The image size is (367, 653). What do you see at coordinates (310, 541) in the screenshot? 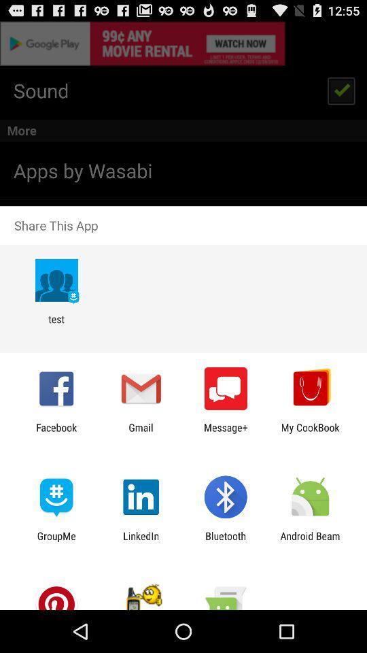
I see `item to the right of bluetooth app` at bounding box center [310, 541].